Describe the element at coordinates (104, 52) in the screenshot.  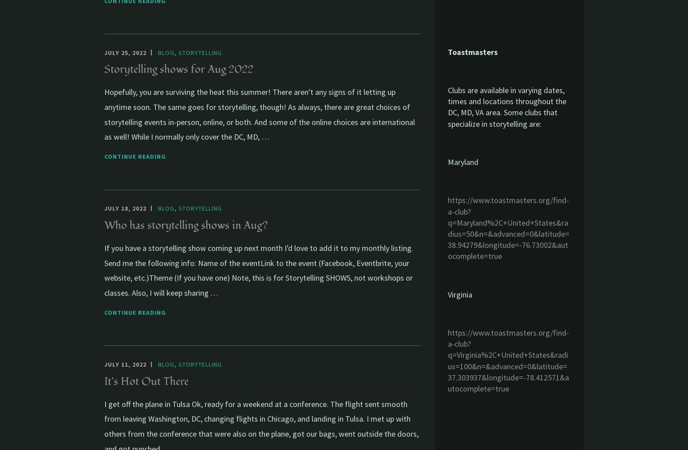
I see `'July 25, 2022'` at that location.